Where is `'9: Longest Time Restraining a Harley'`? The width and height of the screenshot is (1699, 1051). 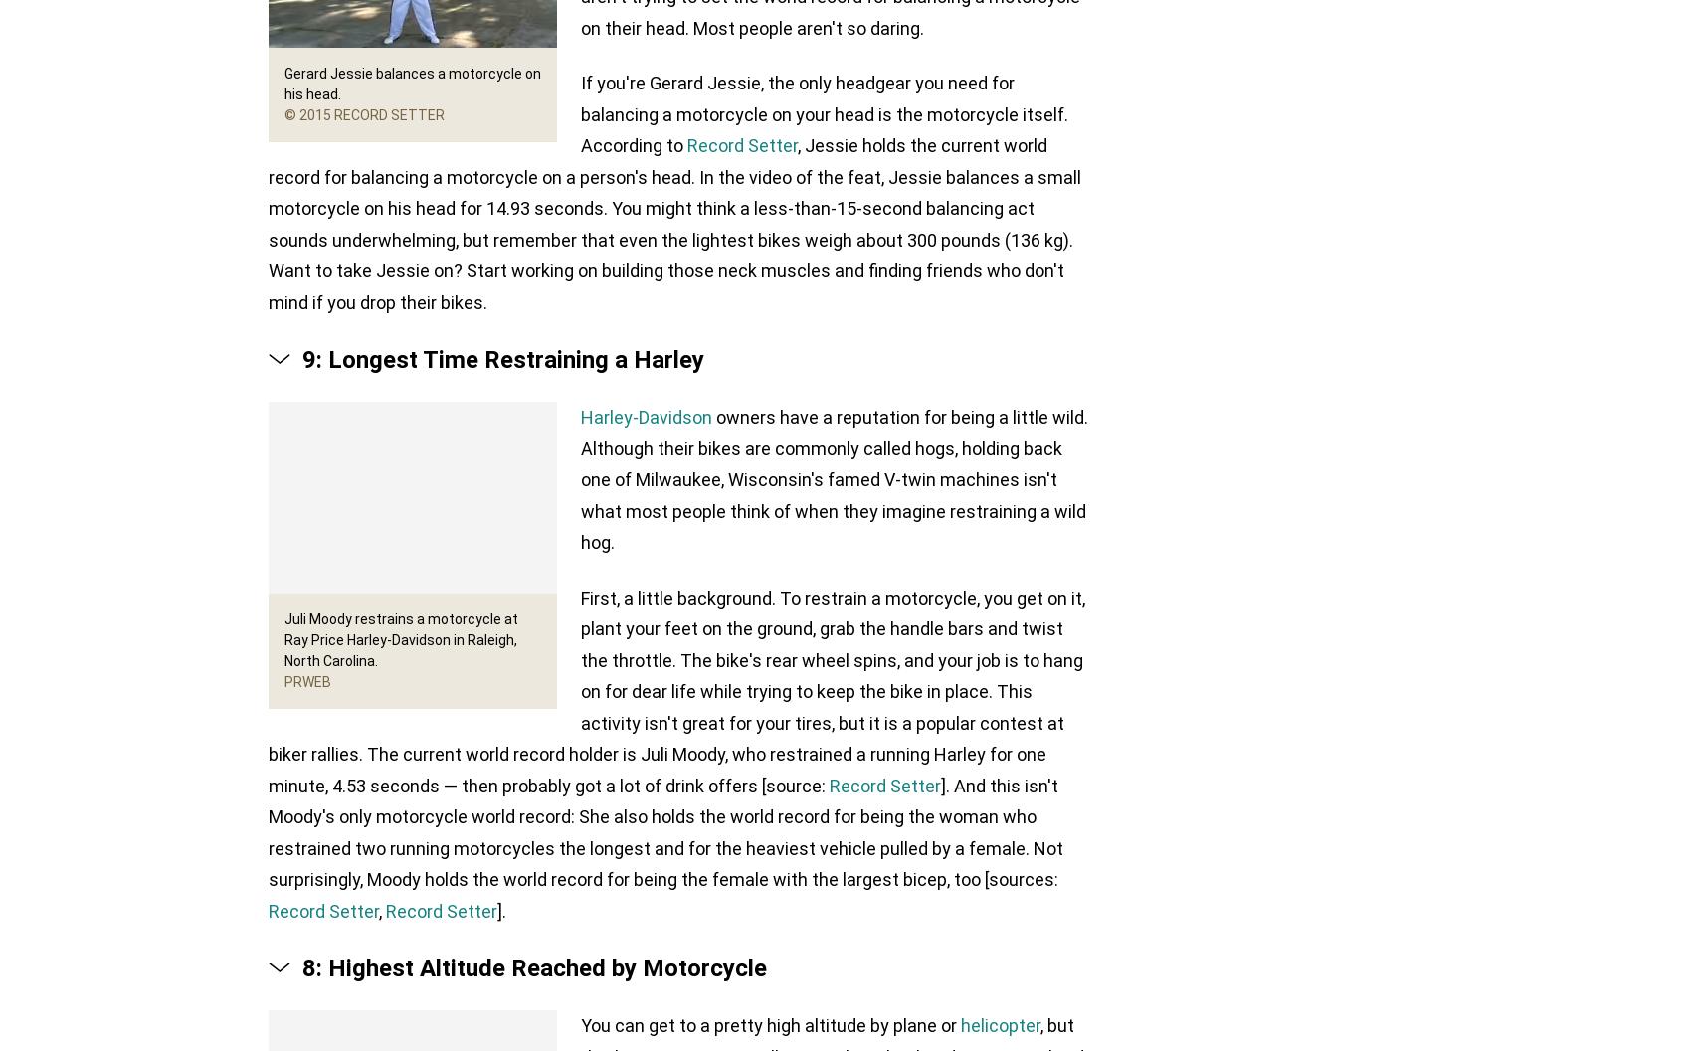
'9: Longest Time Restraining a Harley' is located at coordinates (503, 360).